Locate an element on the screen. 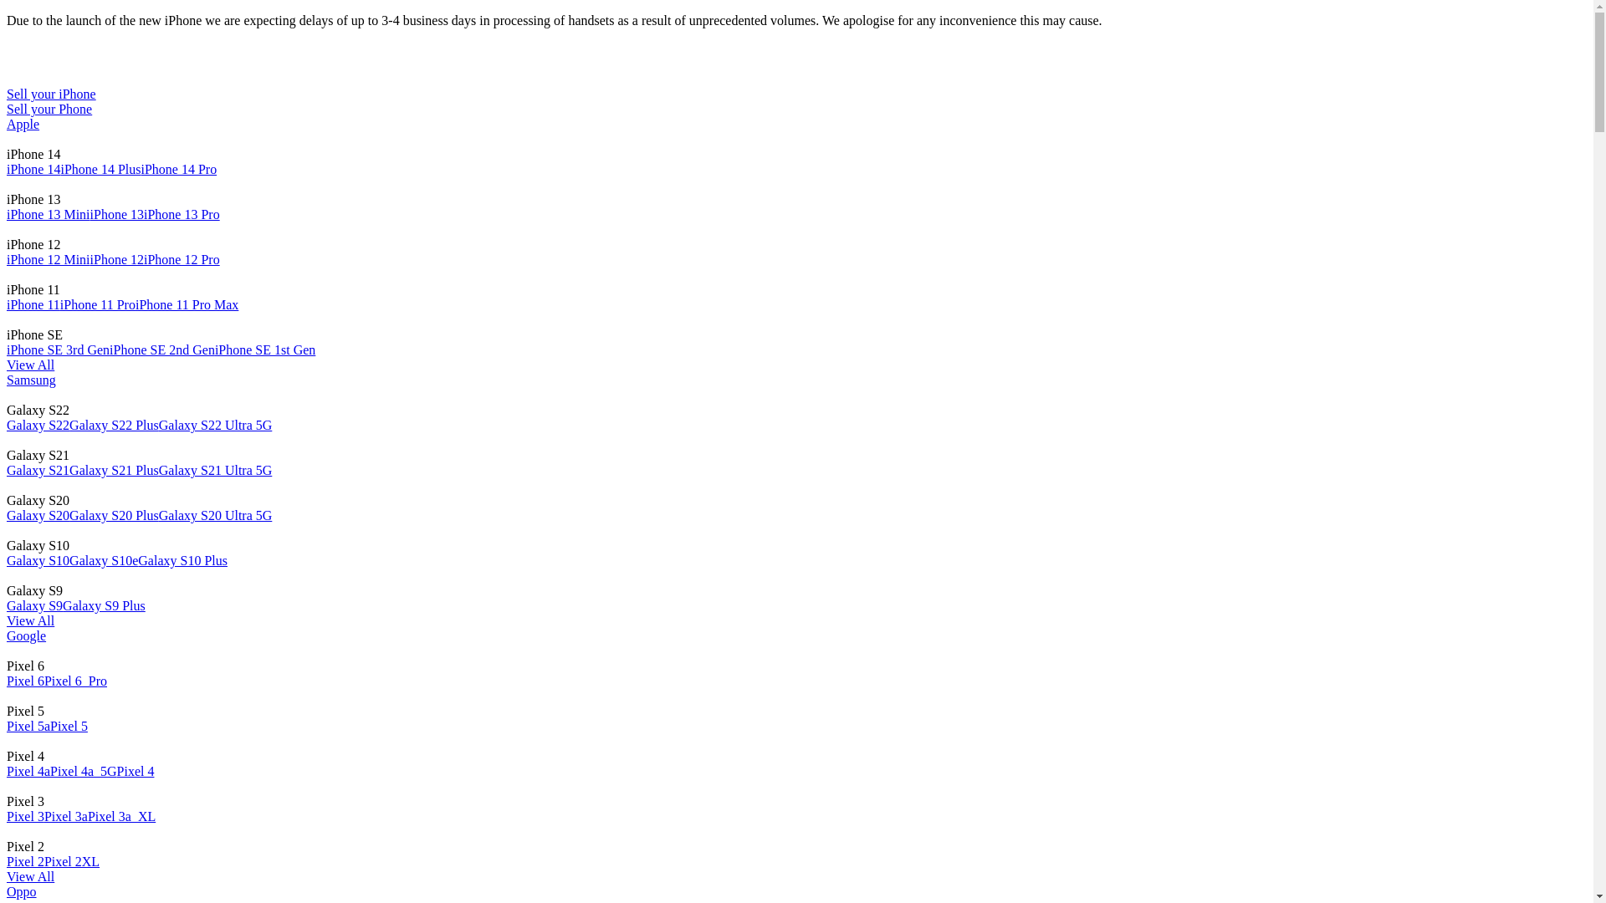 The width and height of the screenshot is (1606, 903). 'Galaxy S9' is located at coordinates (34, 605).